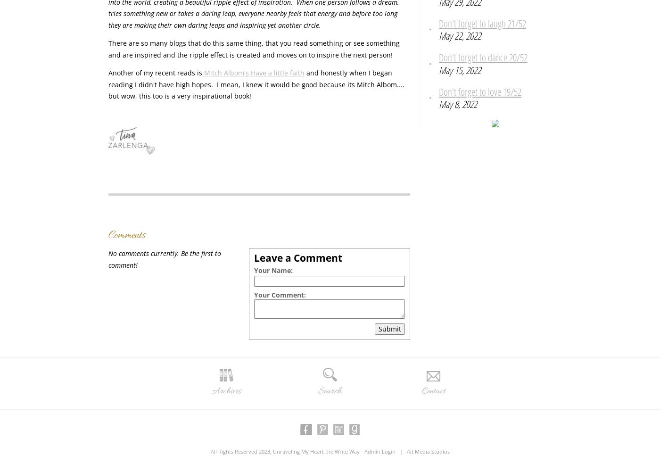 This screenshot has height=472, width=660. Describe the element at coordinates (254, 257) in the screenshot. I see `'Leave a Comment'` at that location.